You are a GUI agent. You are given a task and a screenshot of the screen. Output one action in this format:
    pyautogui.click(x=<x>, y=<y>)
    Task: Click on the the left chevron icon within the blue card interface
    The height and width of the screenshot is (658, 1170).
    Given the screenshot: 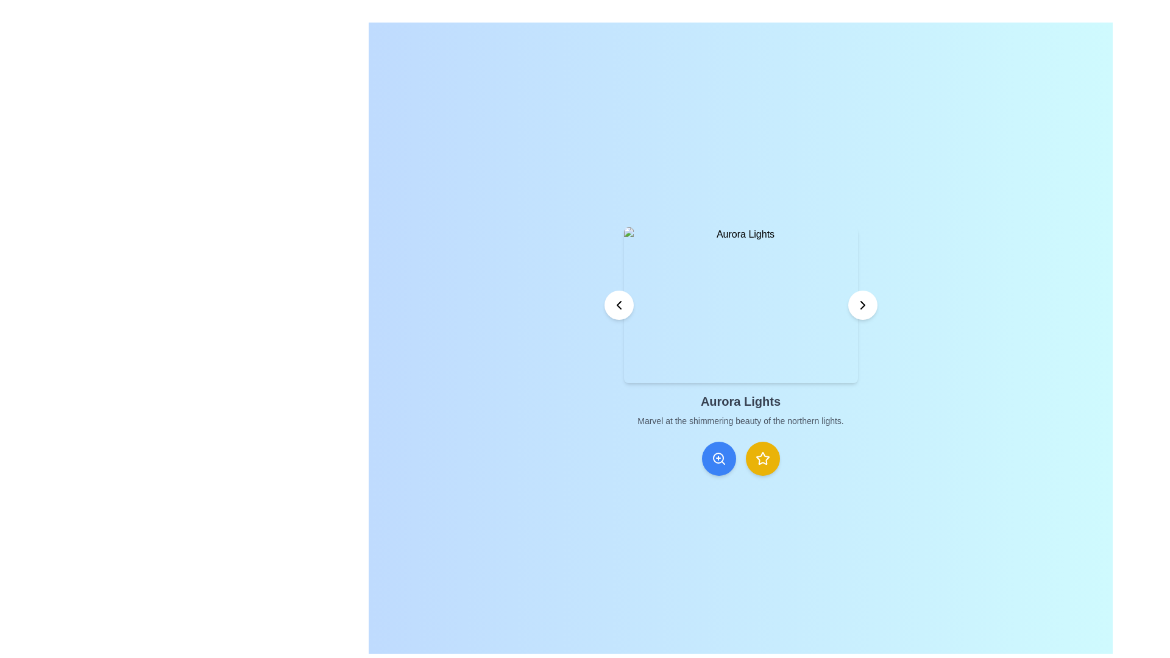 What is the action you would take?
    pyautogui.click(x=619, y=305)
    